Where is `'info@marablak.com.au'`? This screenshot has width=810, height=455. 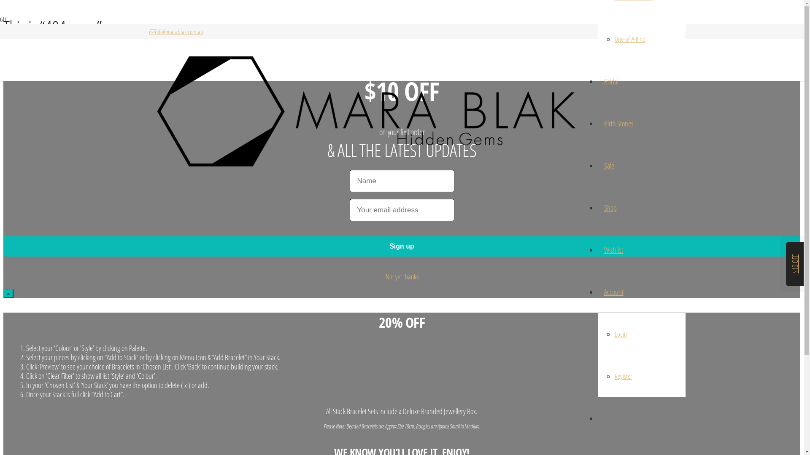
'info@marablak.com.au' is located at coordinates (148, 31).